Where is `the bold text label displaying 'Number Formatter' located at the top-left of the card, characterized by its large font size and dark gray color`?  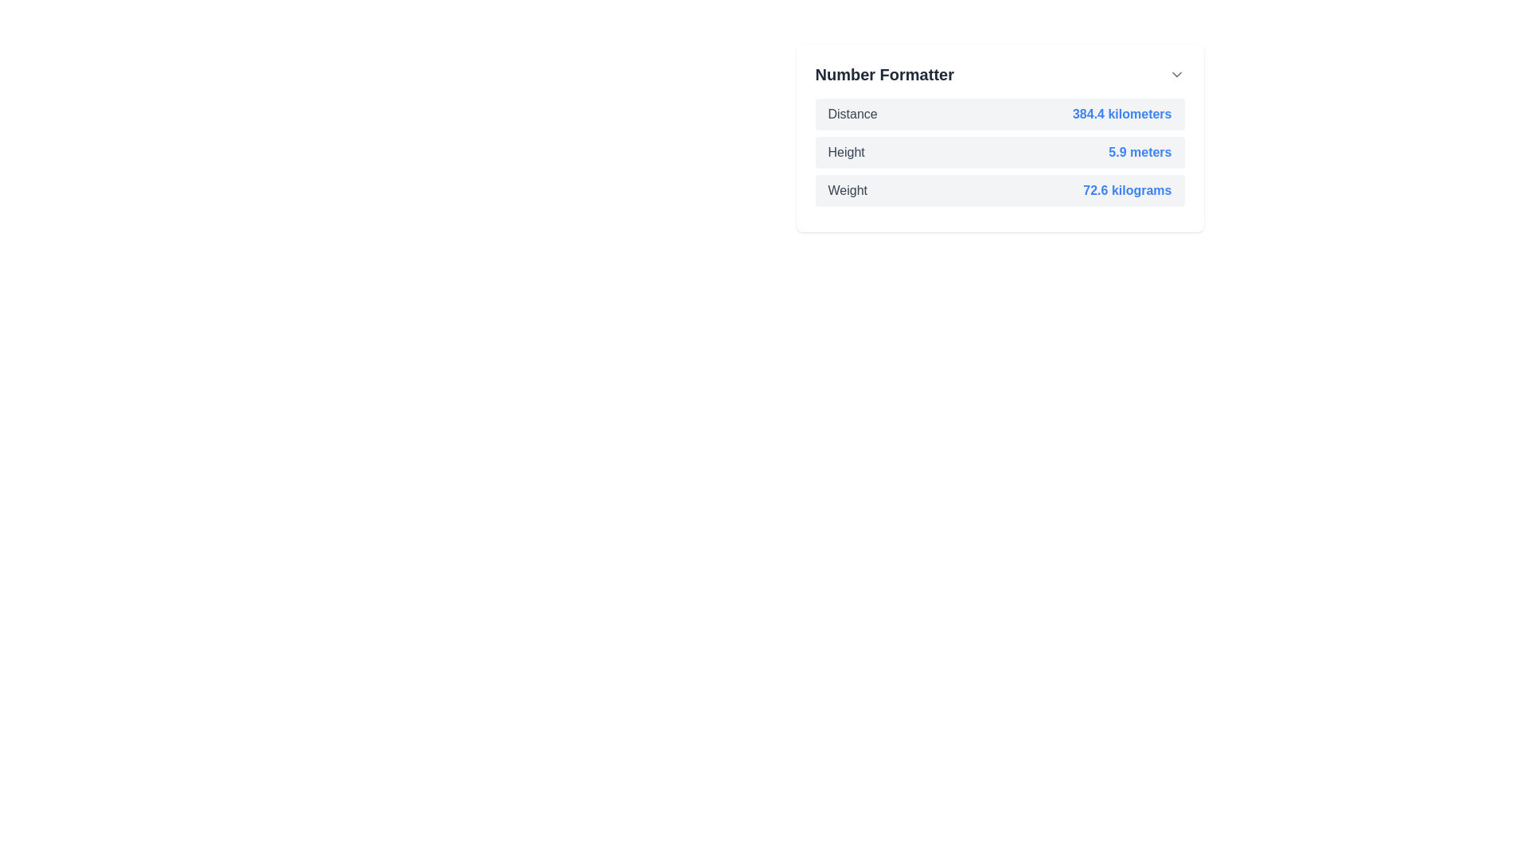
the bold text label displaying 'Number Formatter' located at the top-left of the card, characterized by its large font size and dark gray color is located at coordinates (883, 74).